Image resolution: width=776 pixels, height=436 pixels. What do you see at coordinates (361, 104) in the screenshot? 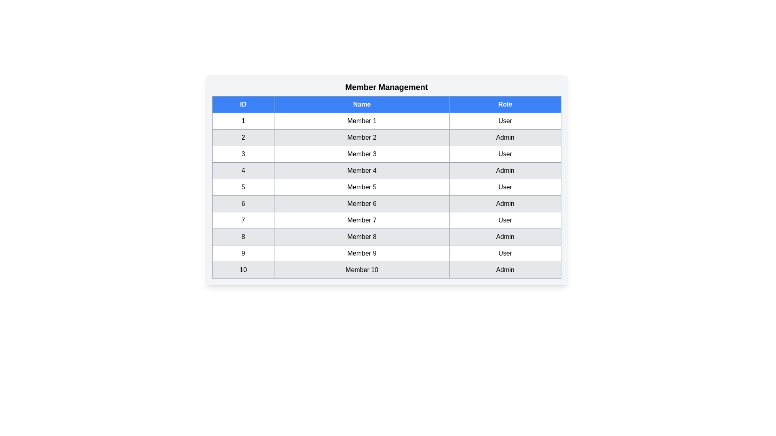
I see `the Name column header to sort the table by that column` at bounding box center [361, 104].